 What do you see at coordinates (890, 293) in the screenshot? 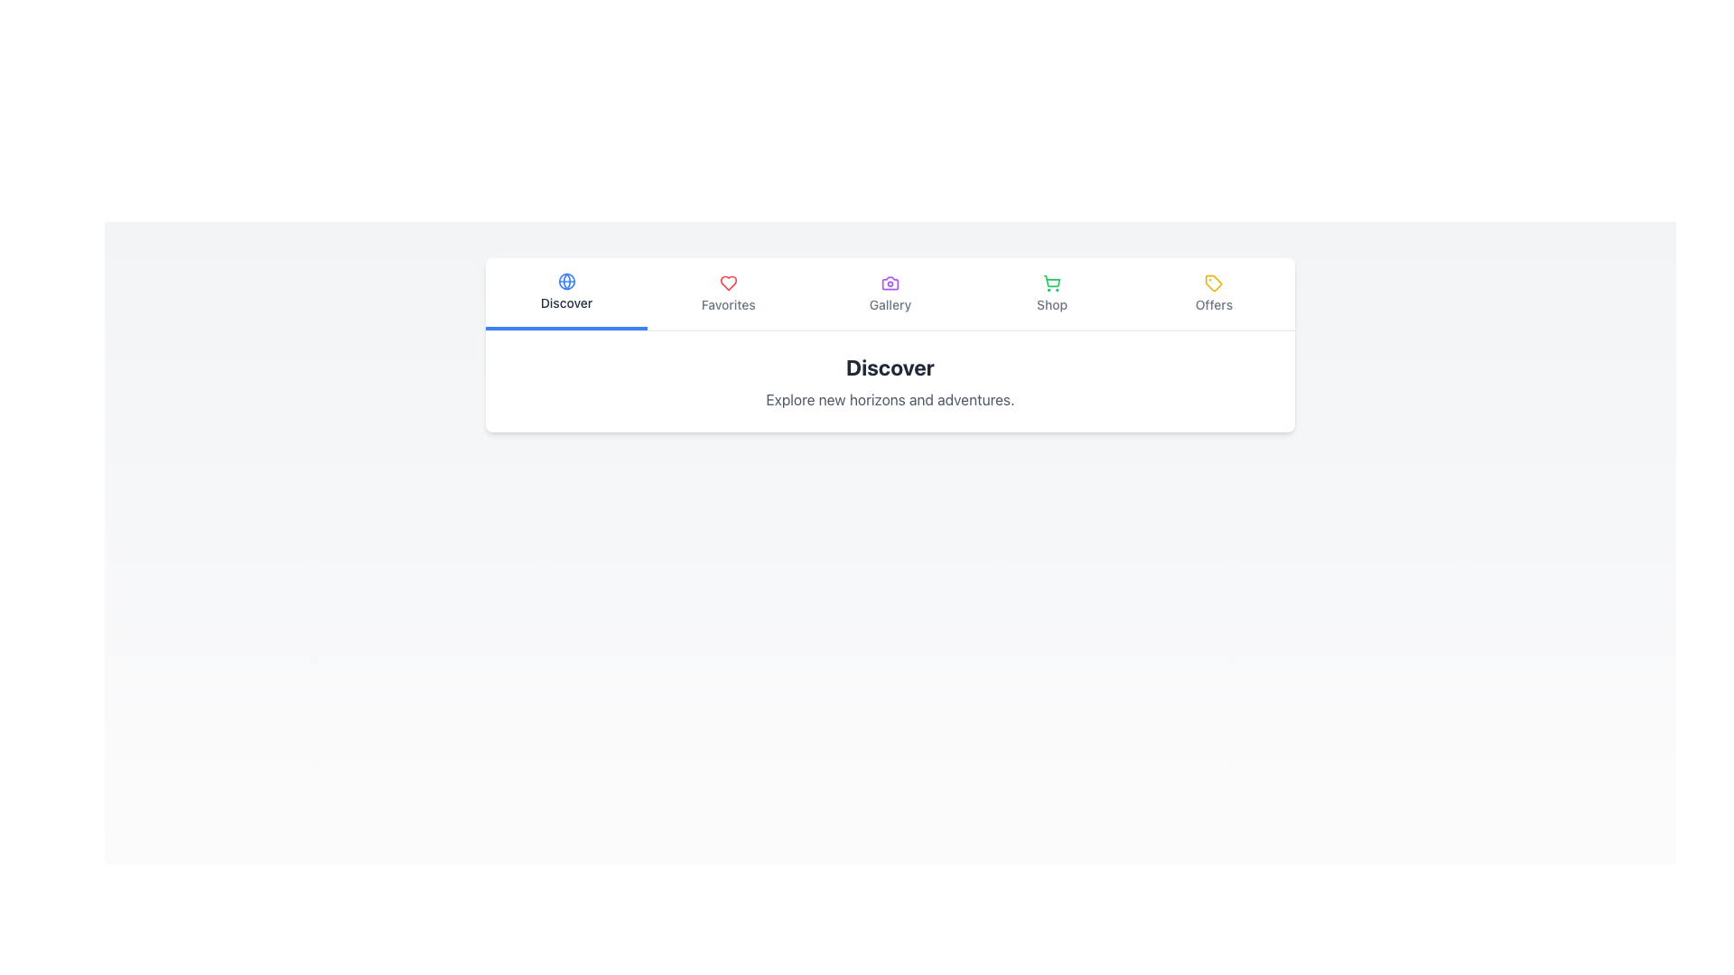
I see `the third item in the horizontal navigation bar, which serves as a navigation link directing to a gallery view or section` at bounding box center [890, 293].